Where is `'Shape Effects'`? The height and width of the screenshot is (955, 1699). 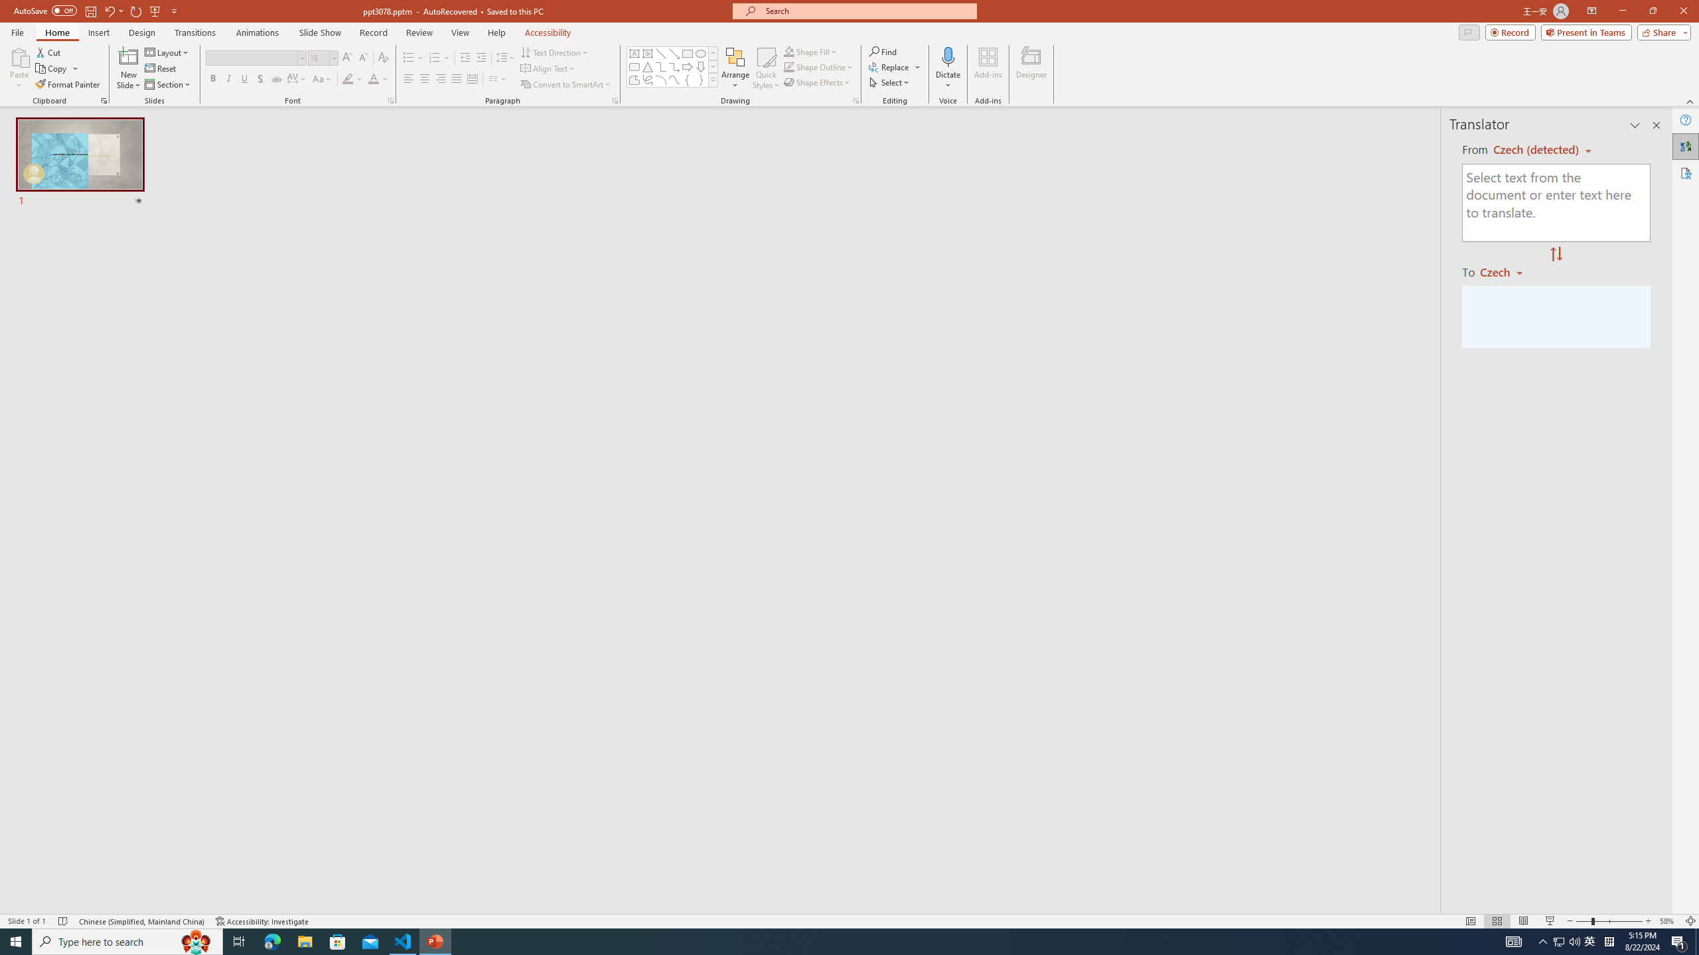 'Shape Effects' is located at coordinates (817, 81).